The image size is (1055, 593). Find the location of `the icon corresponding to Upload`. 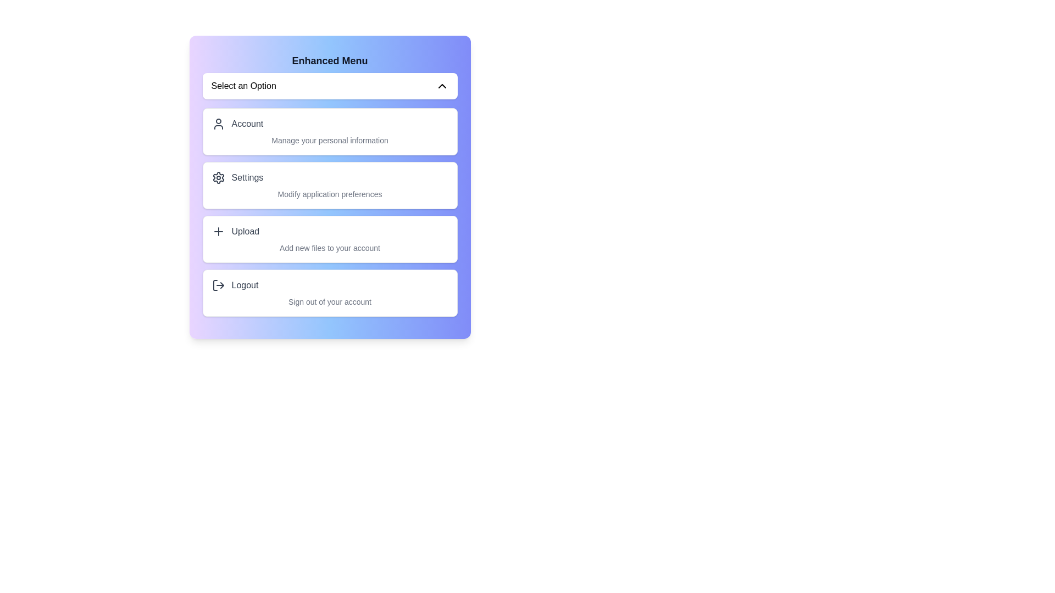

the icon corresponding to Upload is located at coordinates (218, 231).